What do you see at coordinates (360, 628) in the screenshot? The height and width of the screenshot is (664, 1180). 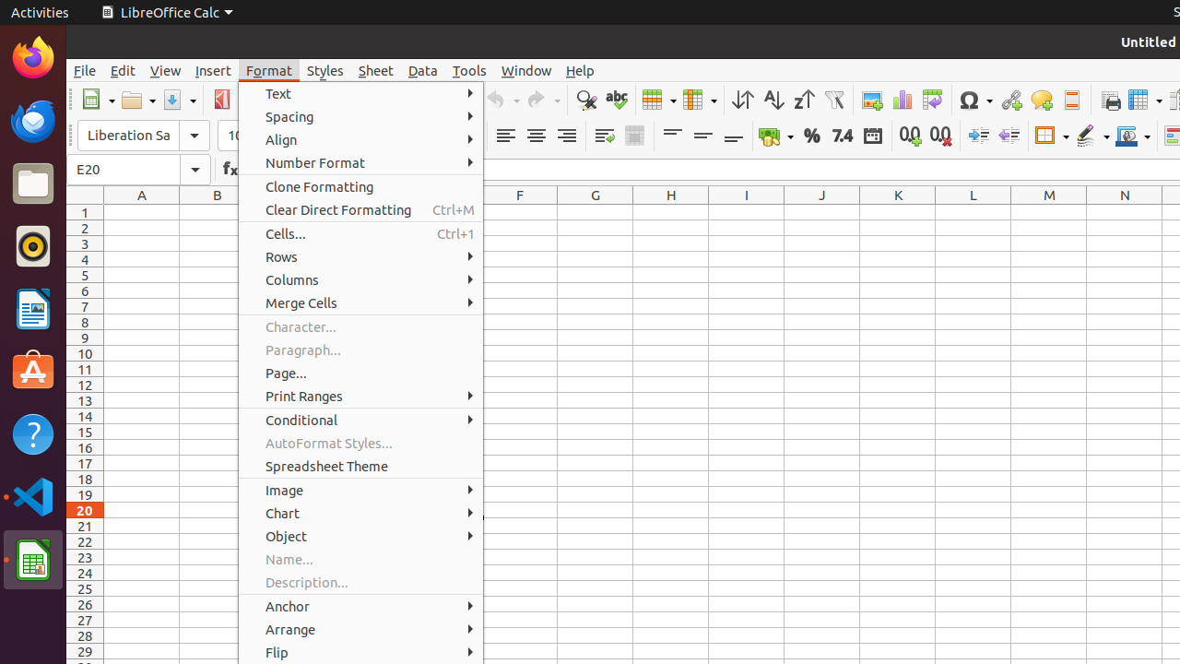 I see `'Arrange'` at bounding box center [360, 628].